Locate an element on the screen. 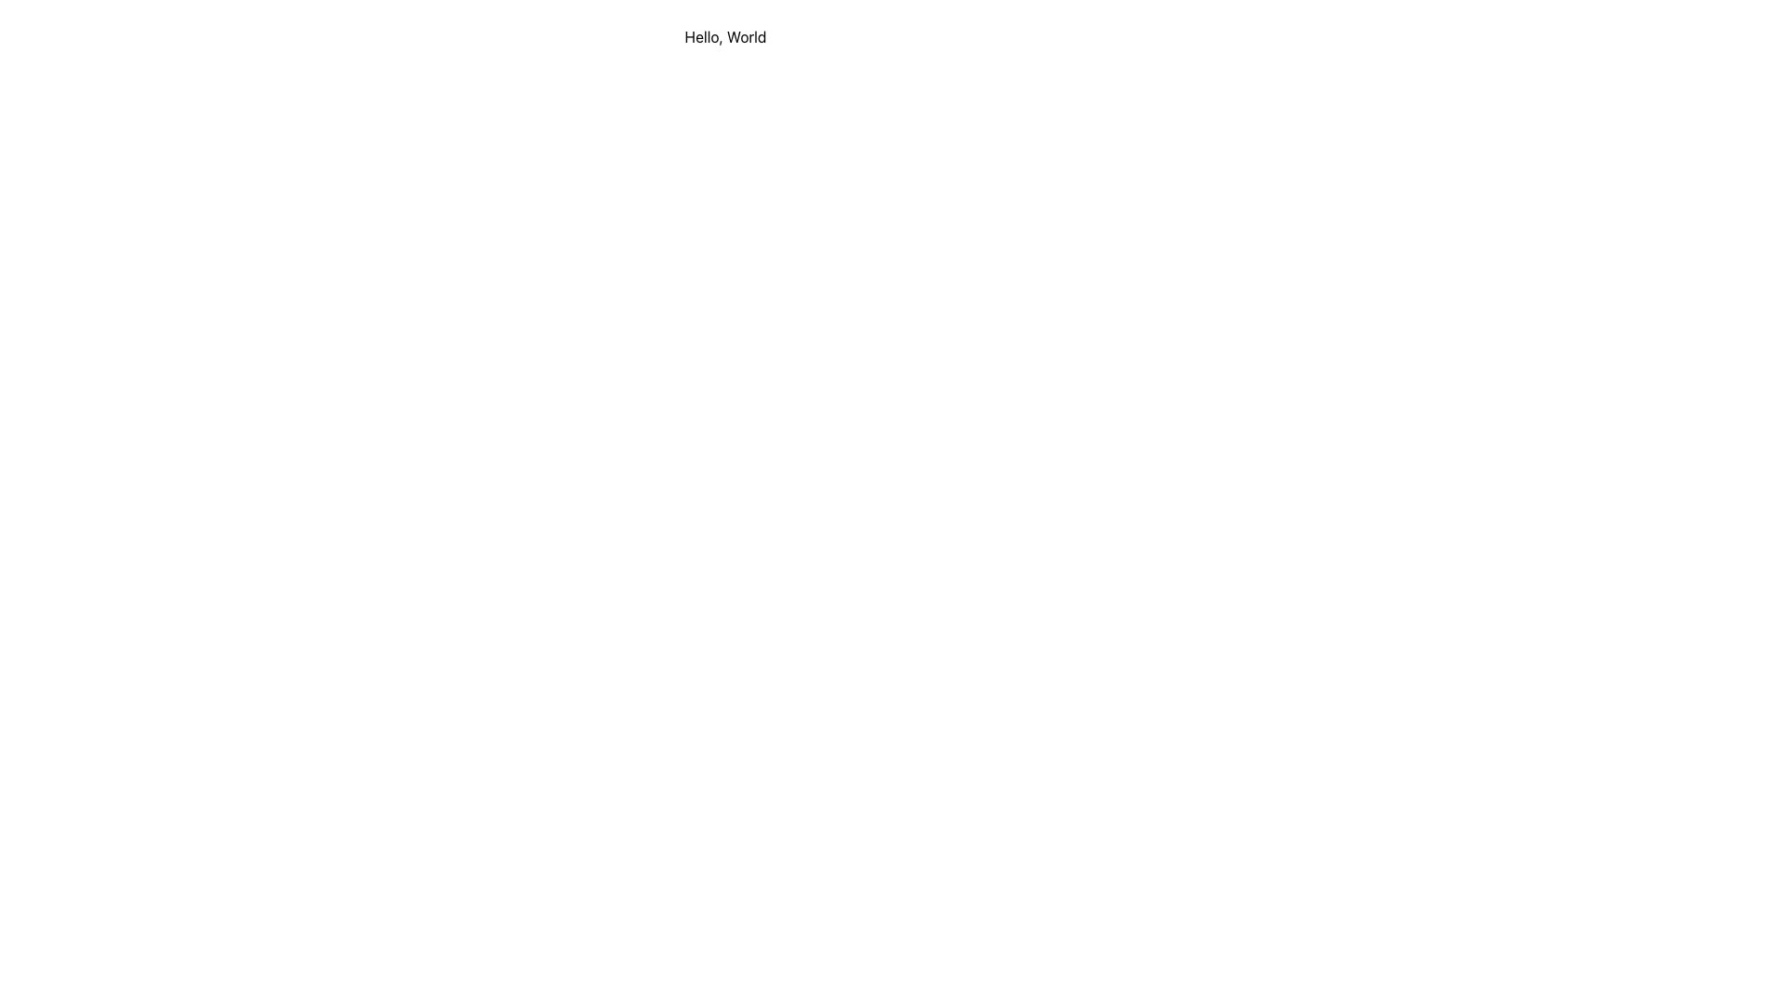  text displayed in the centered static text component that says 'Hello, World' is located at coordinates (724, 36).